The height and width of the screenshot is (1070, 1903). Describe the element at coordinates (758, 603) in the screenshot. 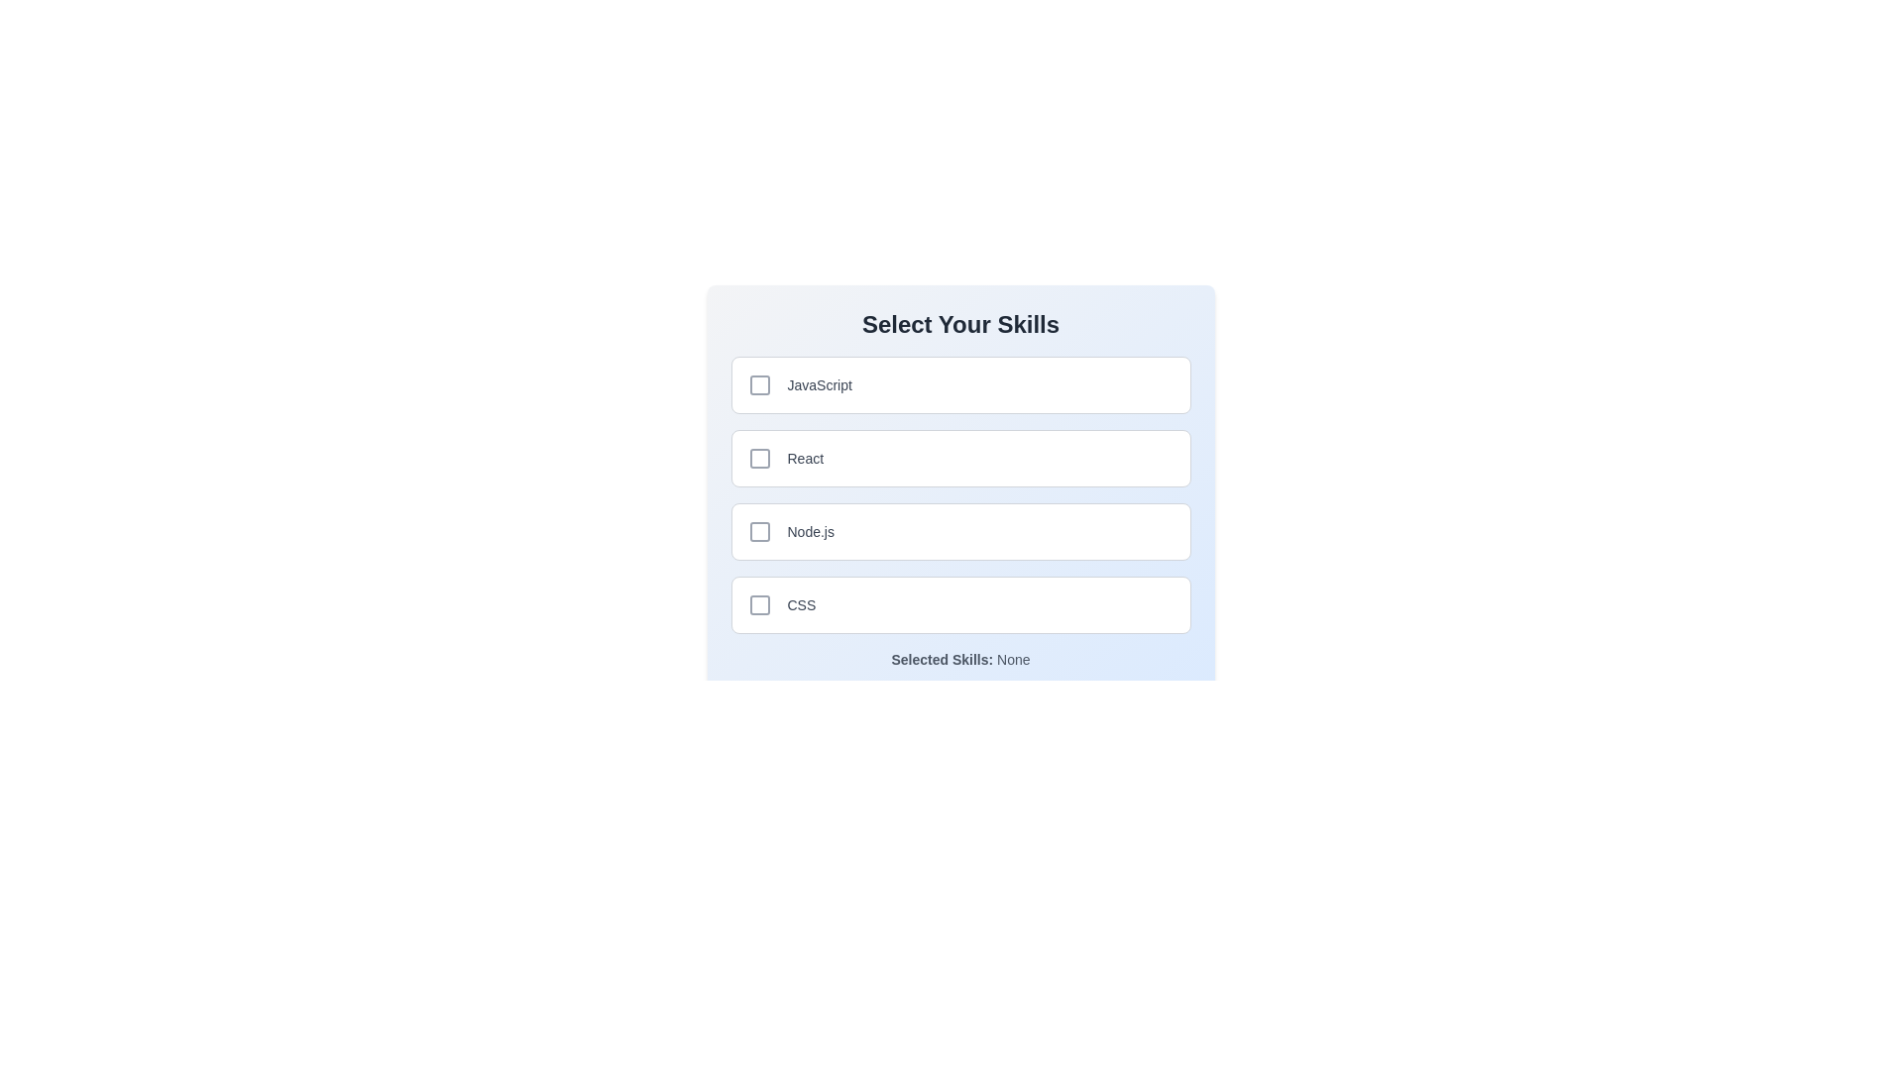

I see `the checkbox styled as a small square icon outlined with a thin line and colored light gray, located to the left of the label 'CSS'` at that location.